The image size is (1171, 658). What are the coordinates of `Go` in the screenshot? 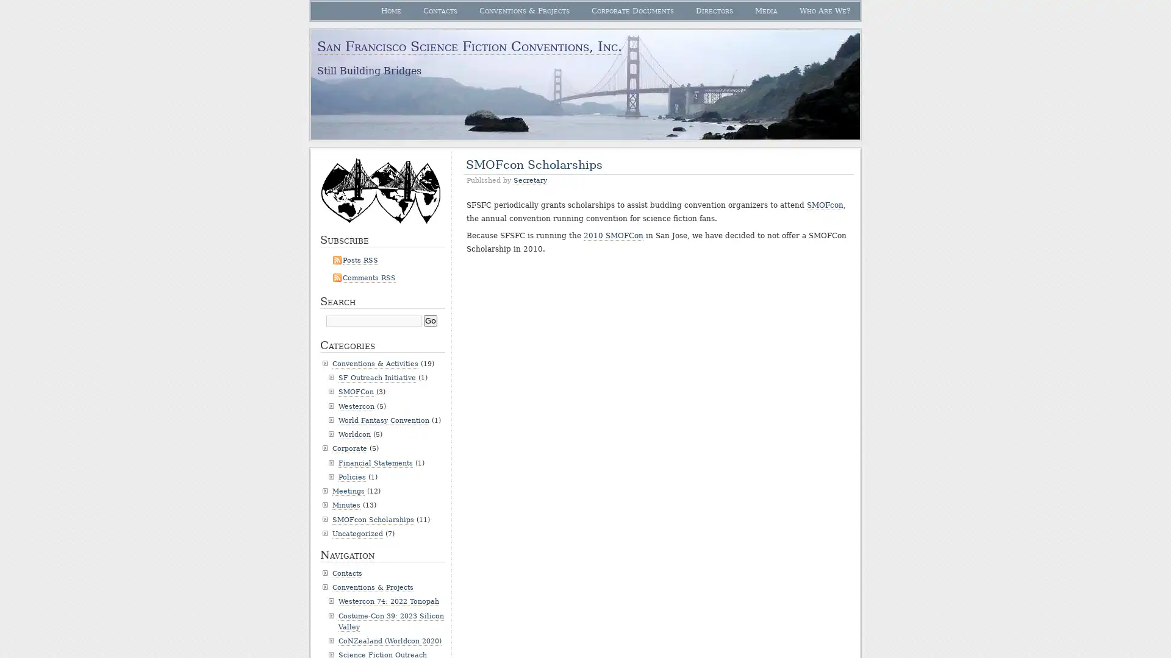 It's located at (430, 319).